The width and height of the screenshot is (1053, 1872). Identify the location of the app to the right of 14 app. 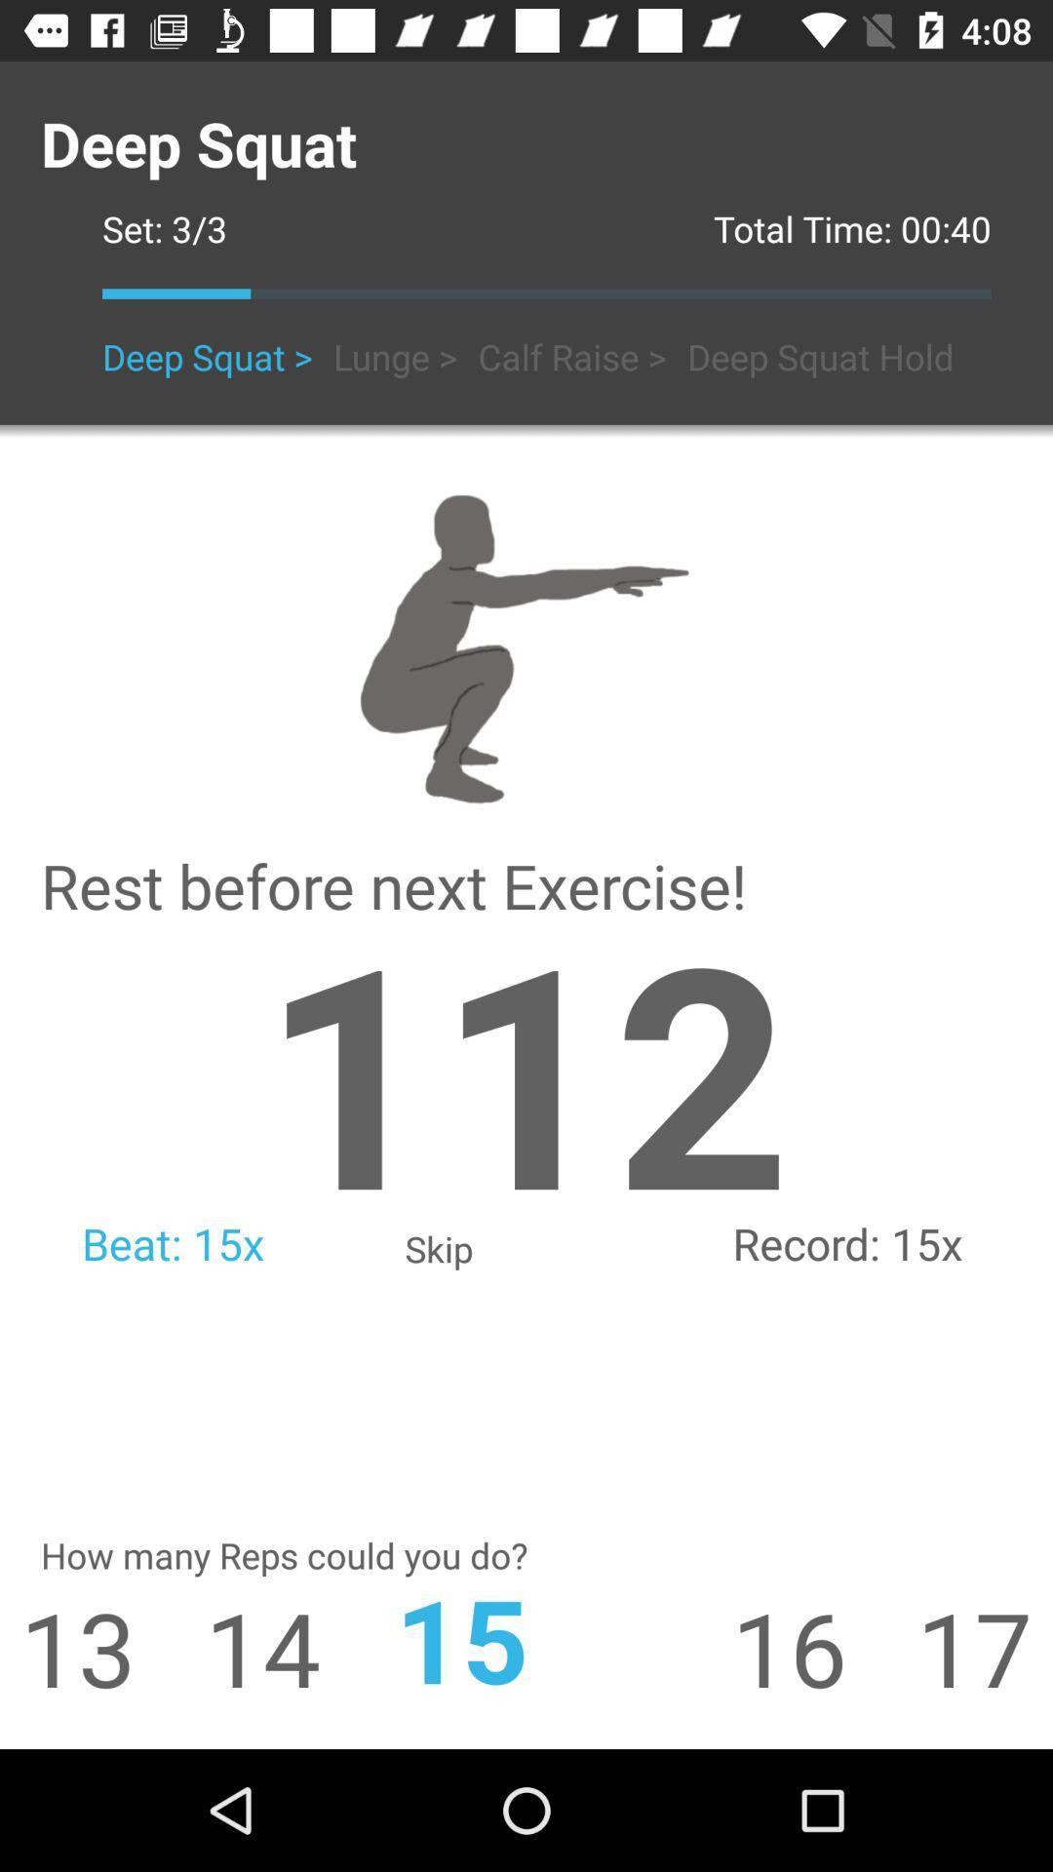
(526, 1638).